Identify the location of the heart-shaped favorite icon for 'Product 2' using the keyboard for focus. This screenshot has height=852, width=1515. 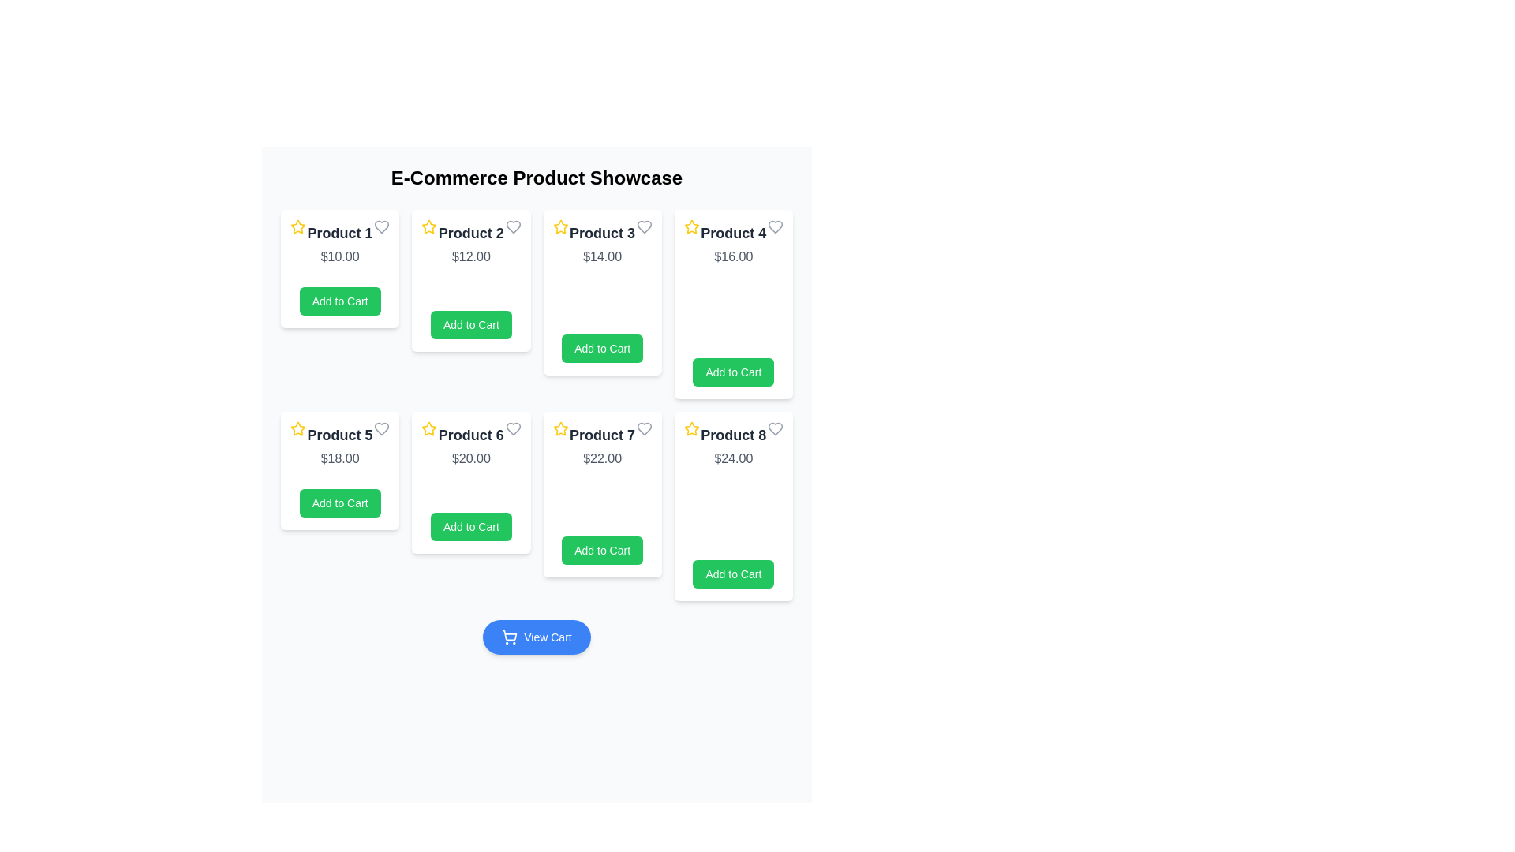
(513, 227).